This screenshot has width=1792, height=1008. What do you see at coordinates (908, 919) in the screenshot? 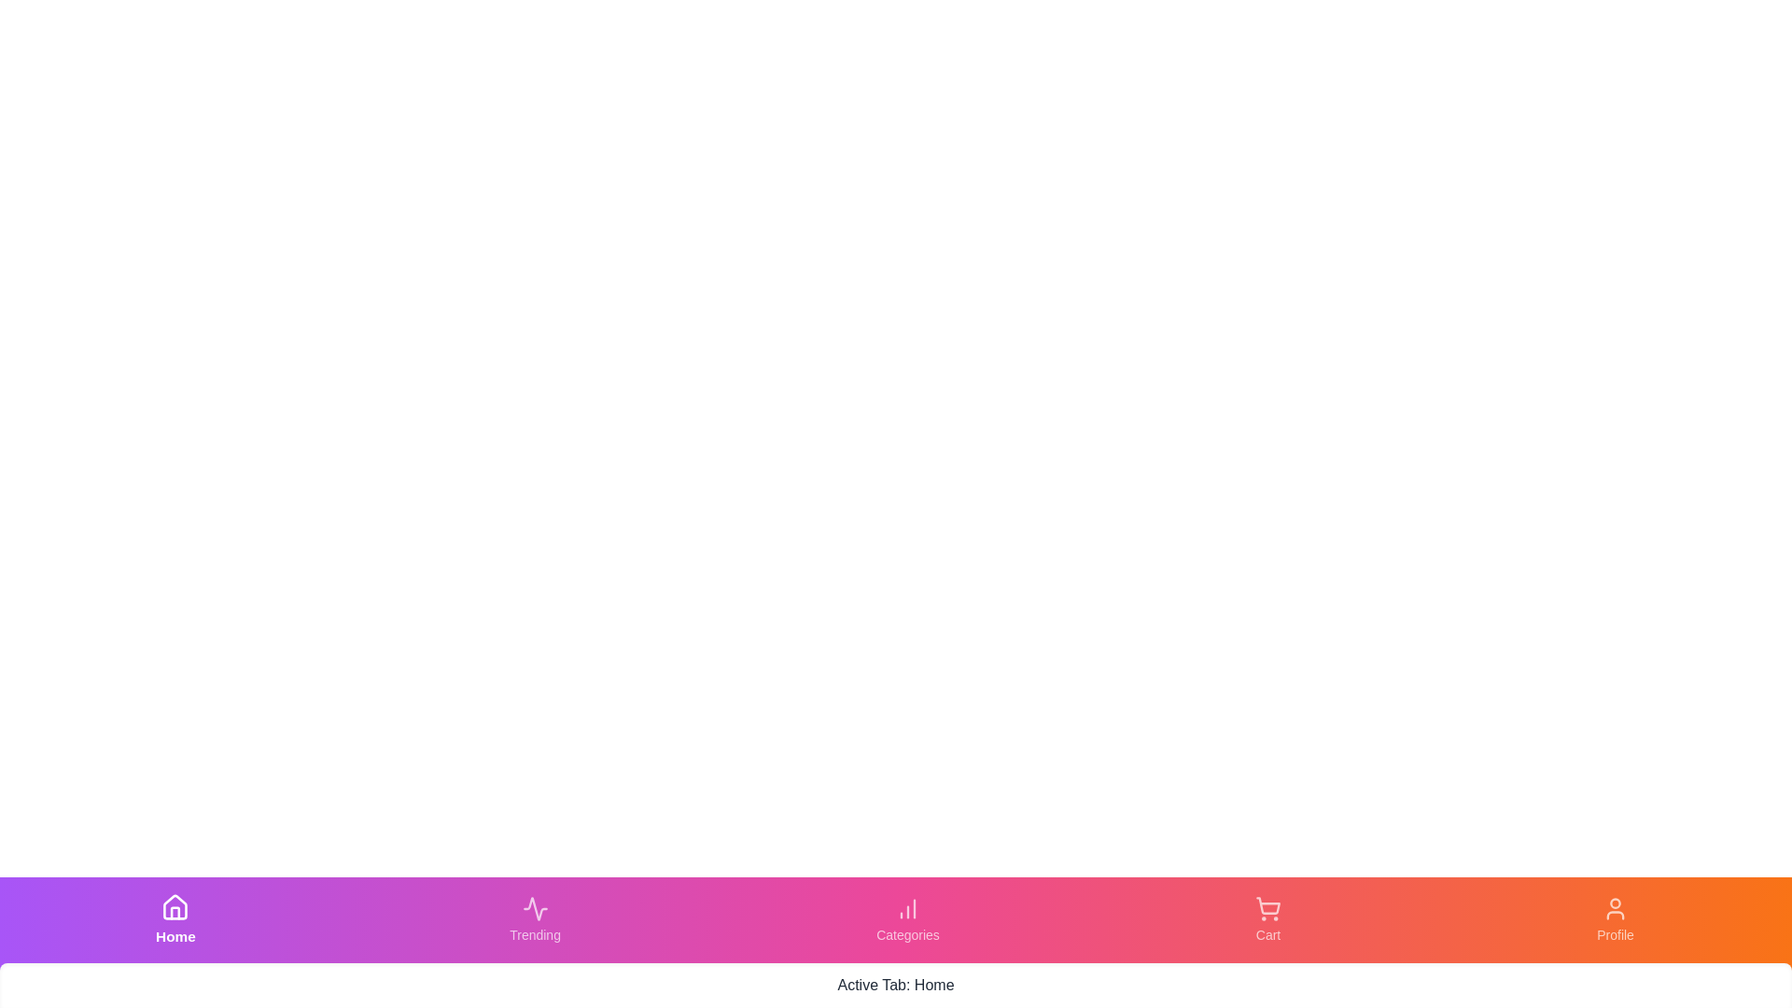
I see `the Categories tab to activate it` at bounding box center [908, 919].